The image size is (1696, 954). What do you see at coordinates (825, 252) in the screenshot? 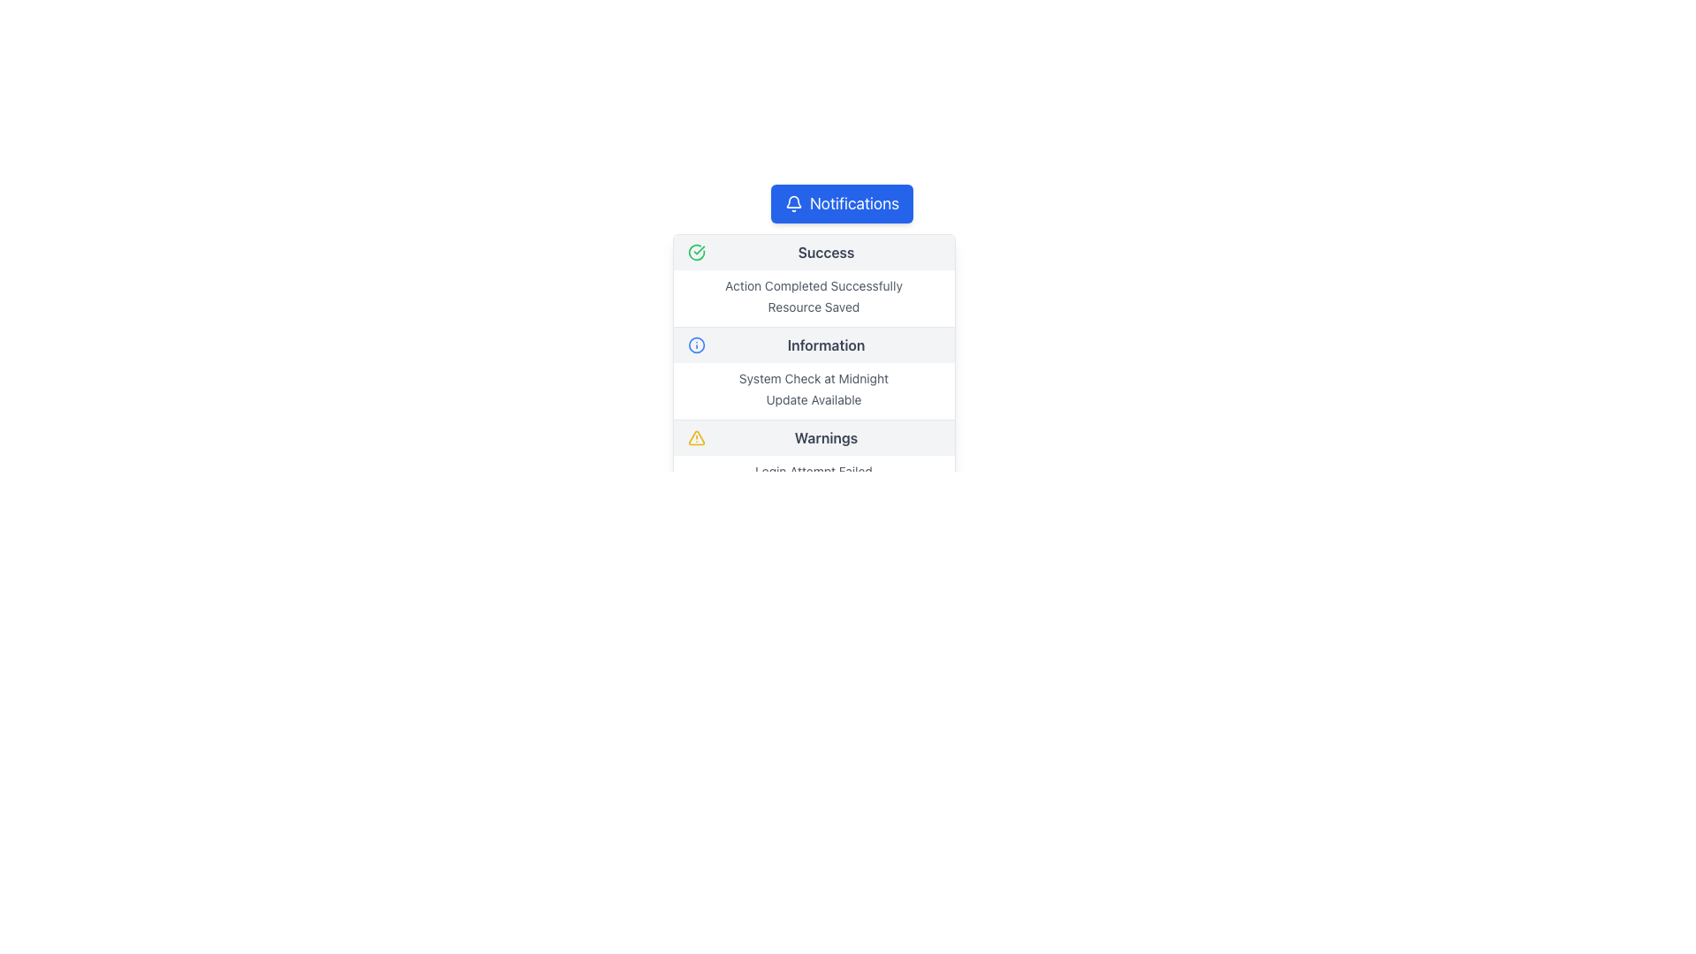
I see `the 'Success' label which is styled in bold dark gray font, located next to a green check icon in the notification panel` at bounding box center [825, 252].